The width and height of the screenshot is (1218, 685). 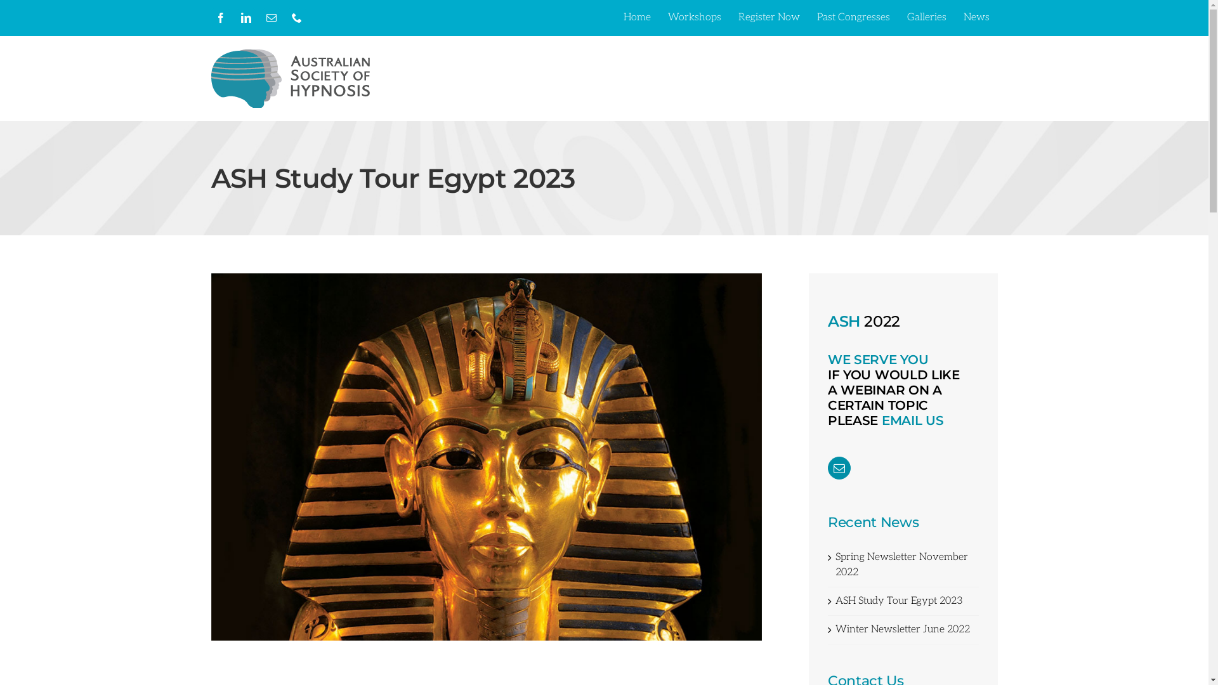 What do you see at coordinates (768, 17) in the screenshot?
I see `'Register Now'` at bounding box center [768, 17].